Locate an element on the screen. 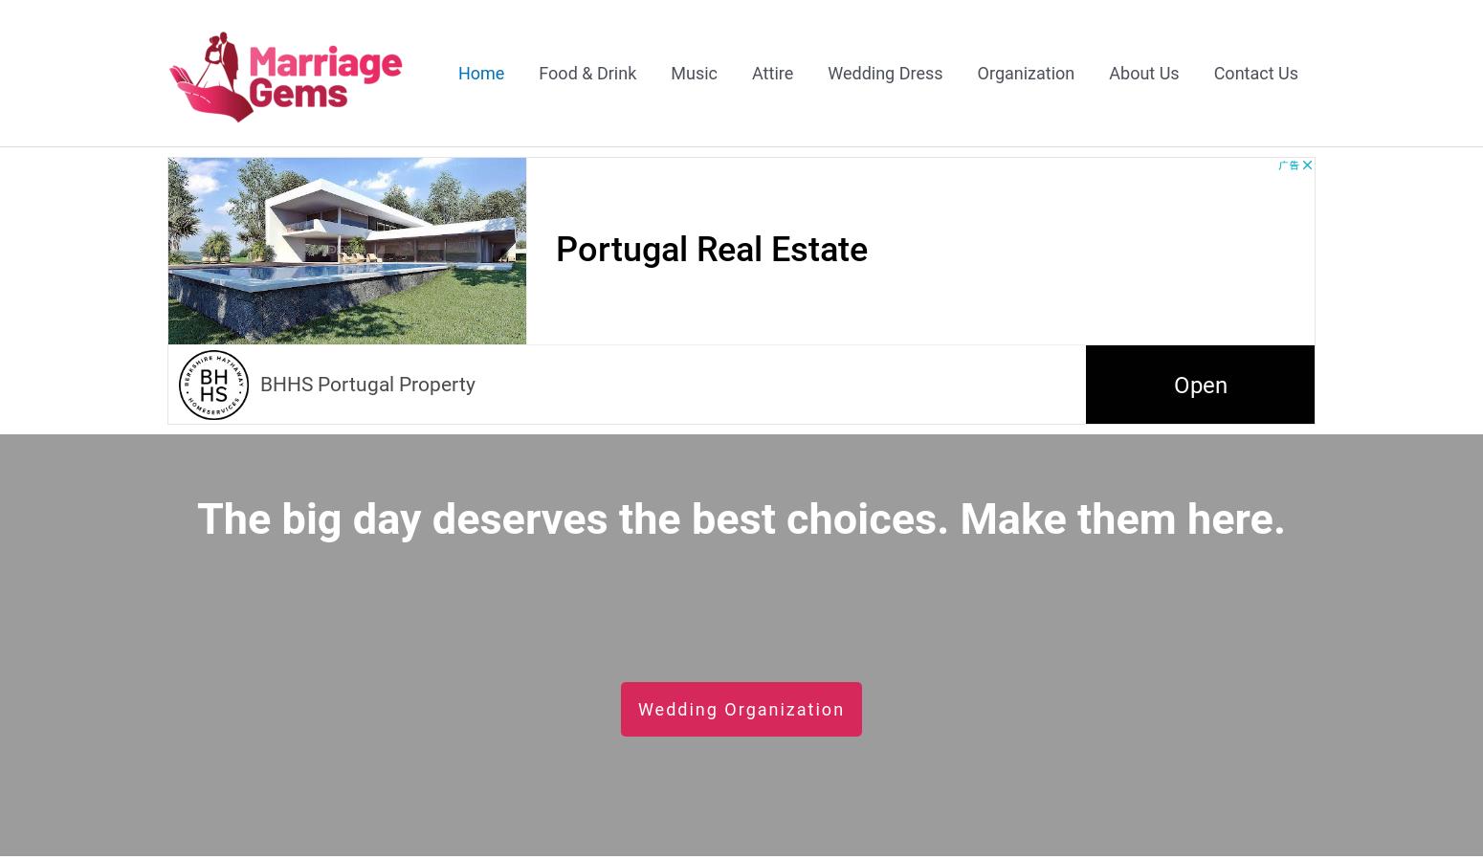 This screenshot has width=1483, height=860. 'Organization' is located at coordinates (976, 71).